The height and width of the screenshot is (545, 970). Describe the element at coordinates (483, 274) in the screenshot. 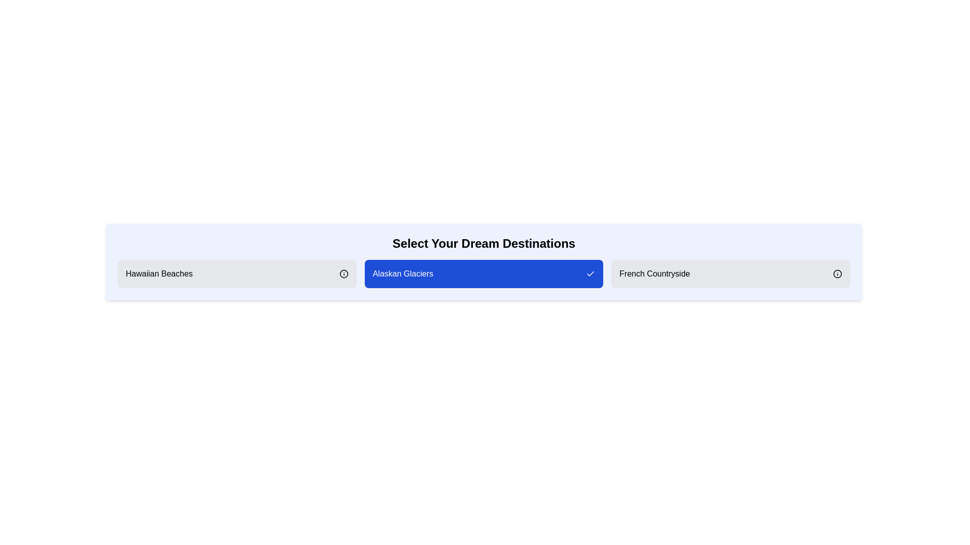

I see `the destination Alaskan Glaciers` at that location.